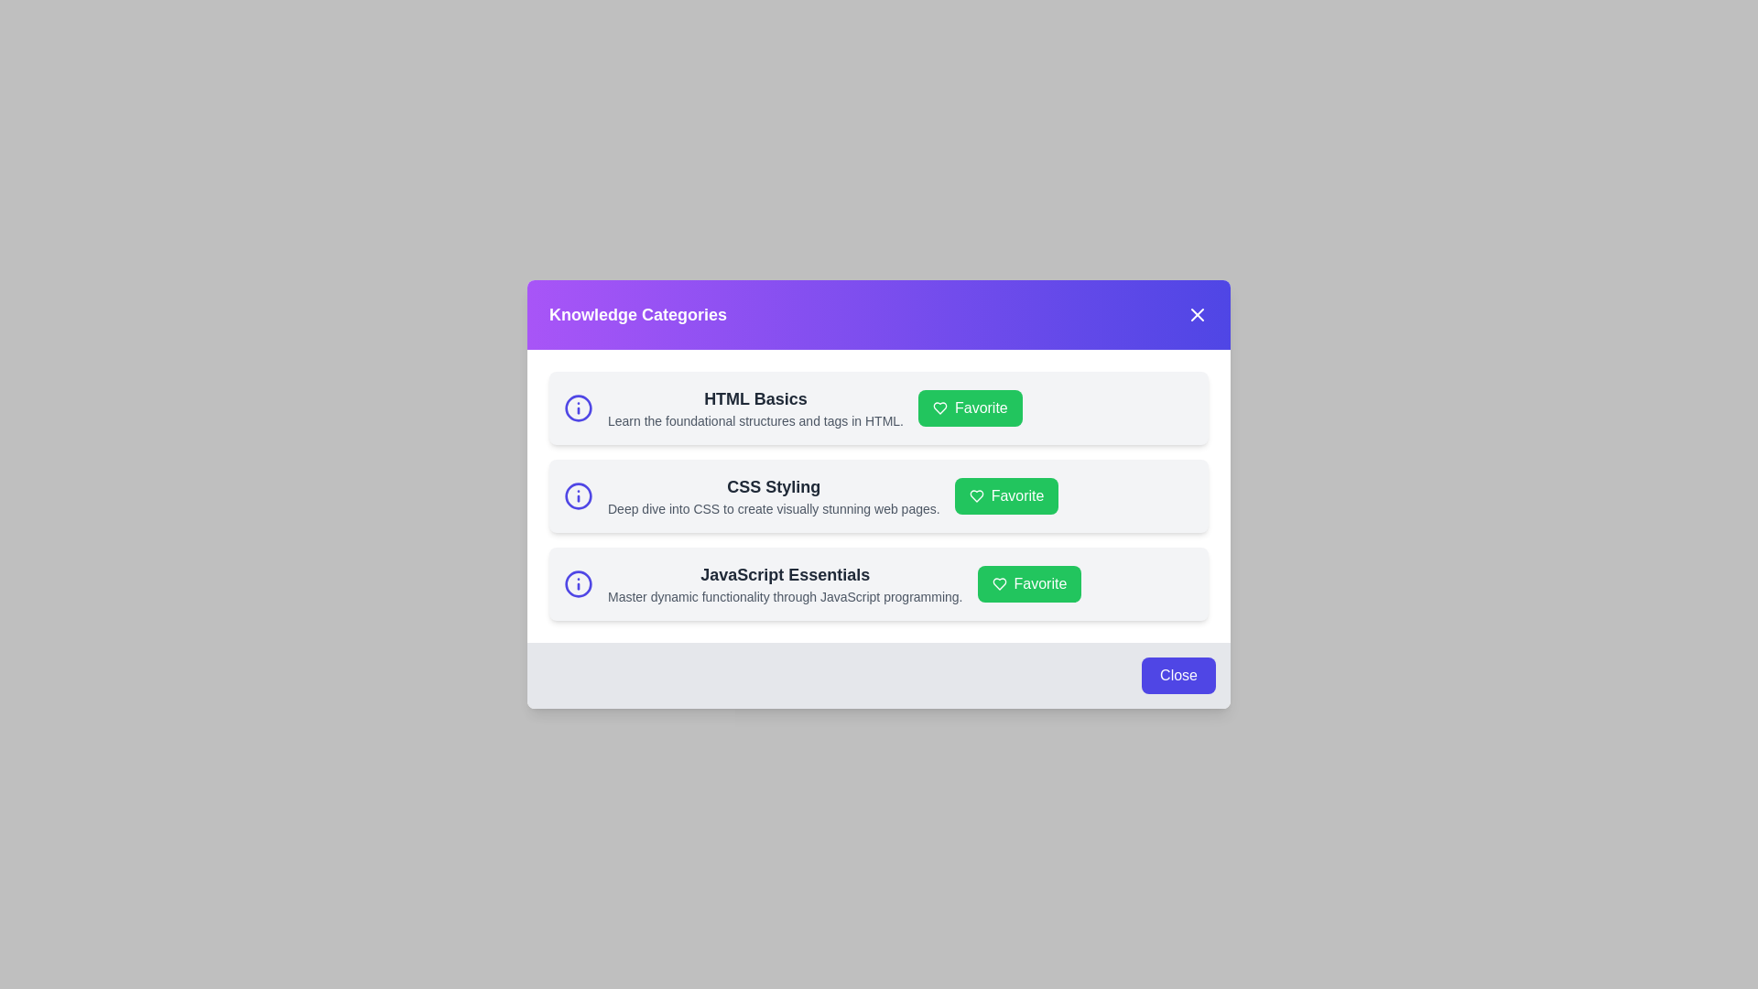  Describe the element at coordinates (879, 496) in the screenshot. I see `the Information Card with Button, which is the second card in a vertical arrangement, to trigger additional interaction options` at that location.